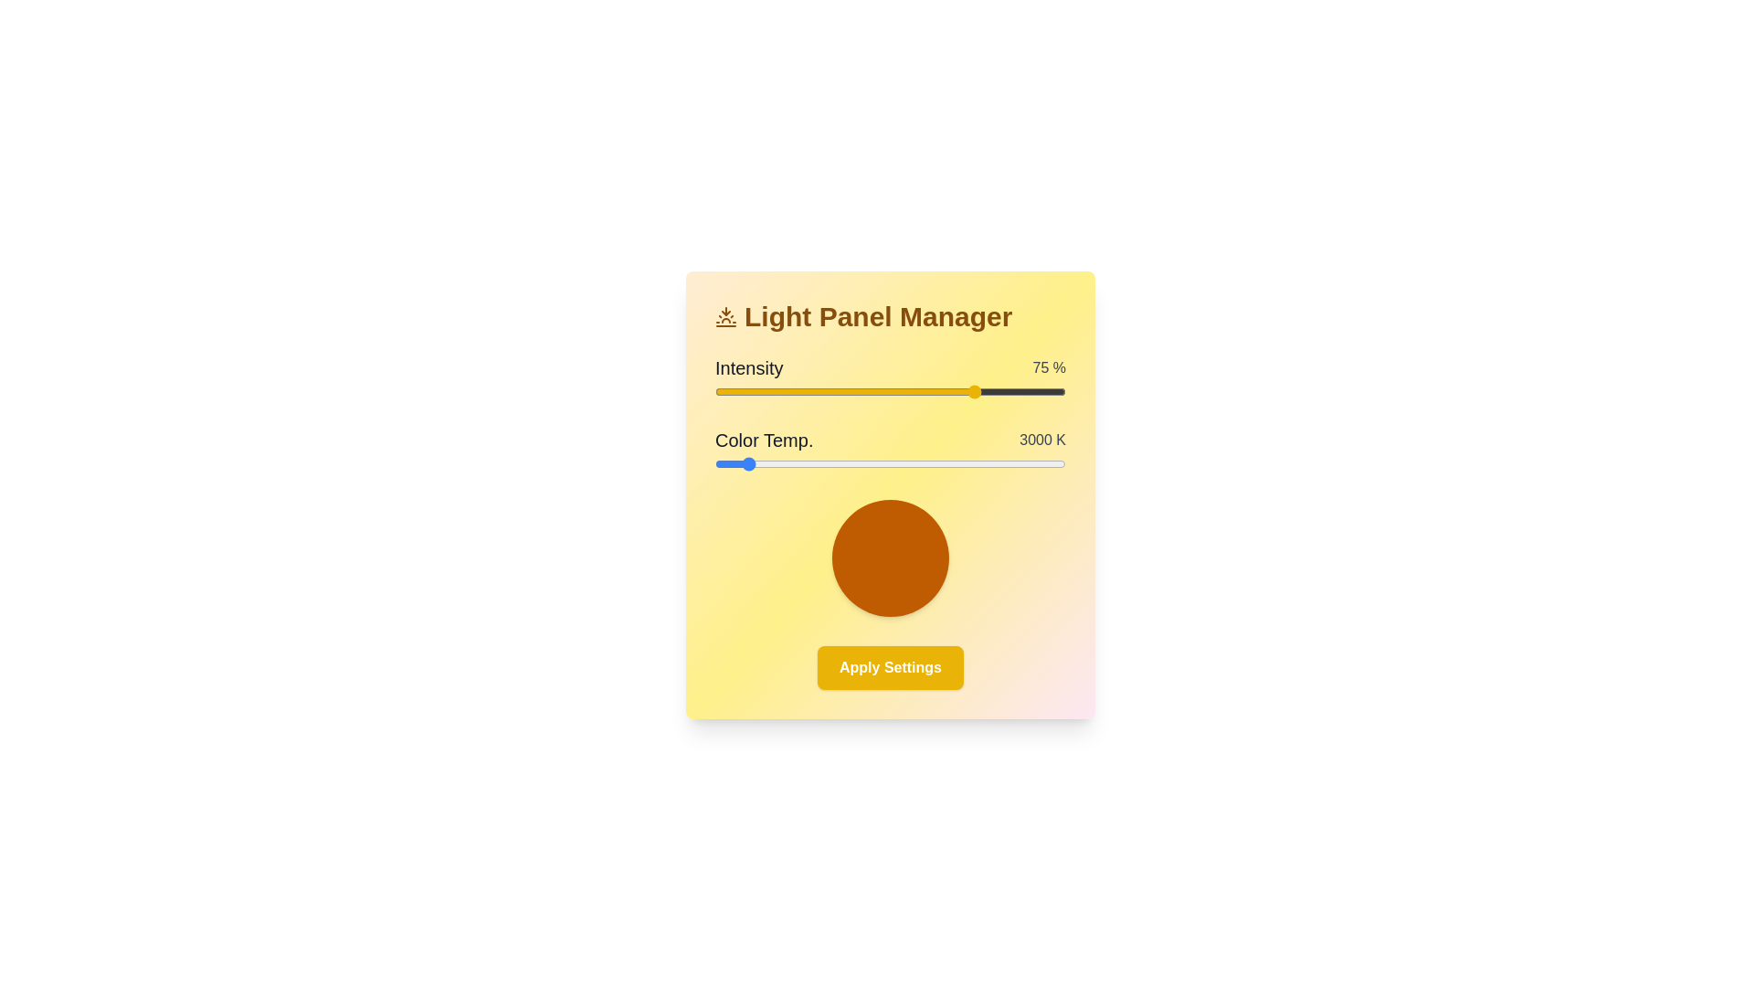  Describe the element at coordinates (890, 668) in the screenshot. I see `the 'Apply Settings' button to finalize the adjustments` at that location.